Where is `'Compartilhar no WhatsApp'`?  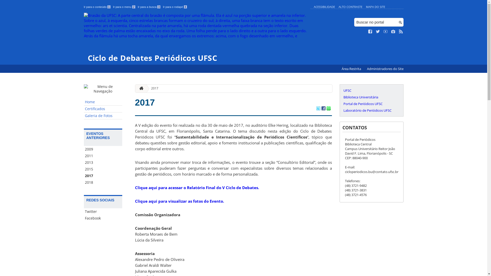
'Compartilhar no WhatsApp' is located at coordinates (328, 108).